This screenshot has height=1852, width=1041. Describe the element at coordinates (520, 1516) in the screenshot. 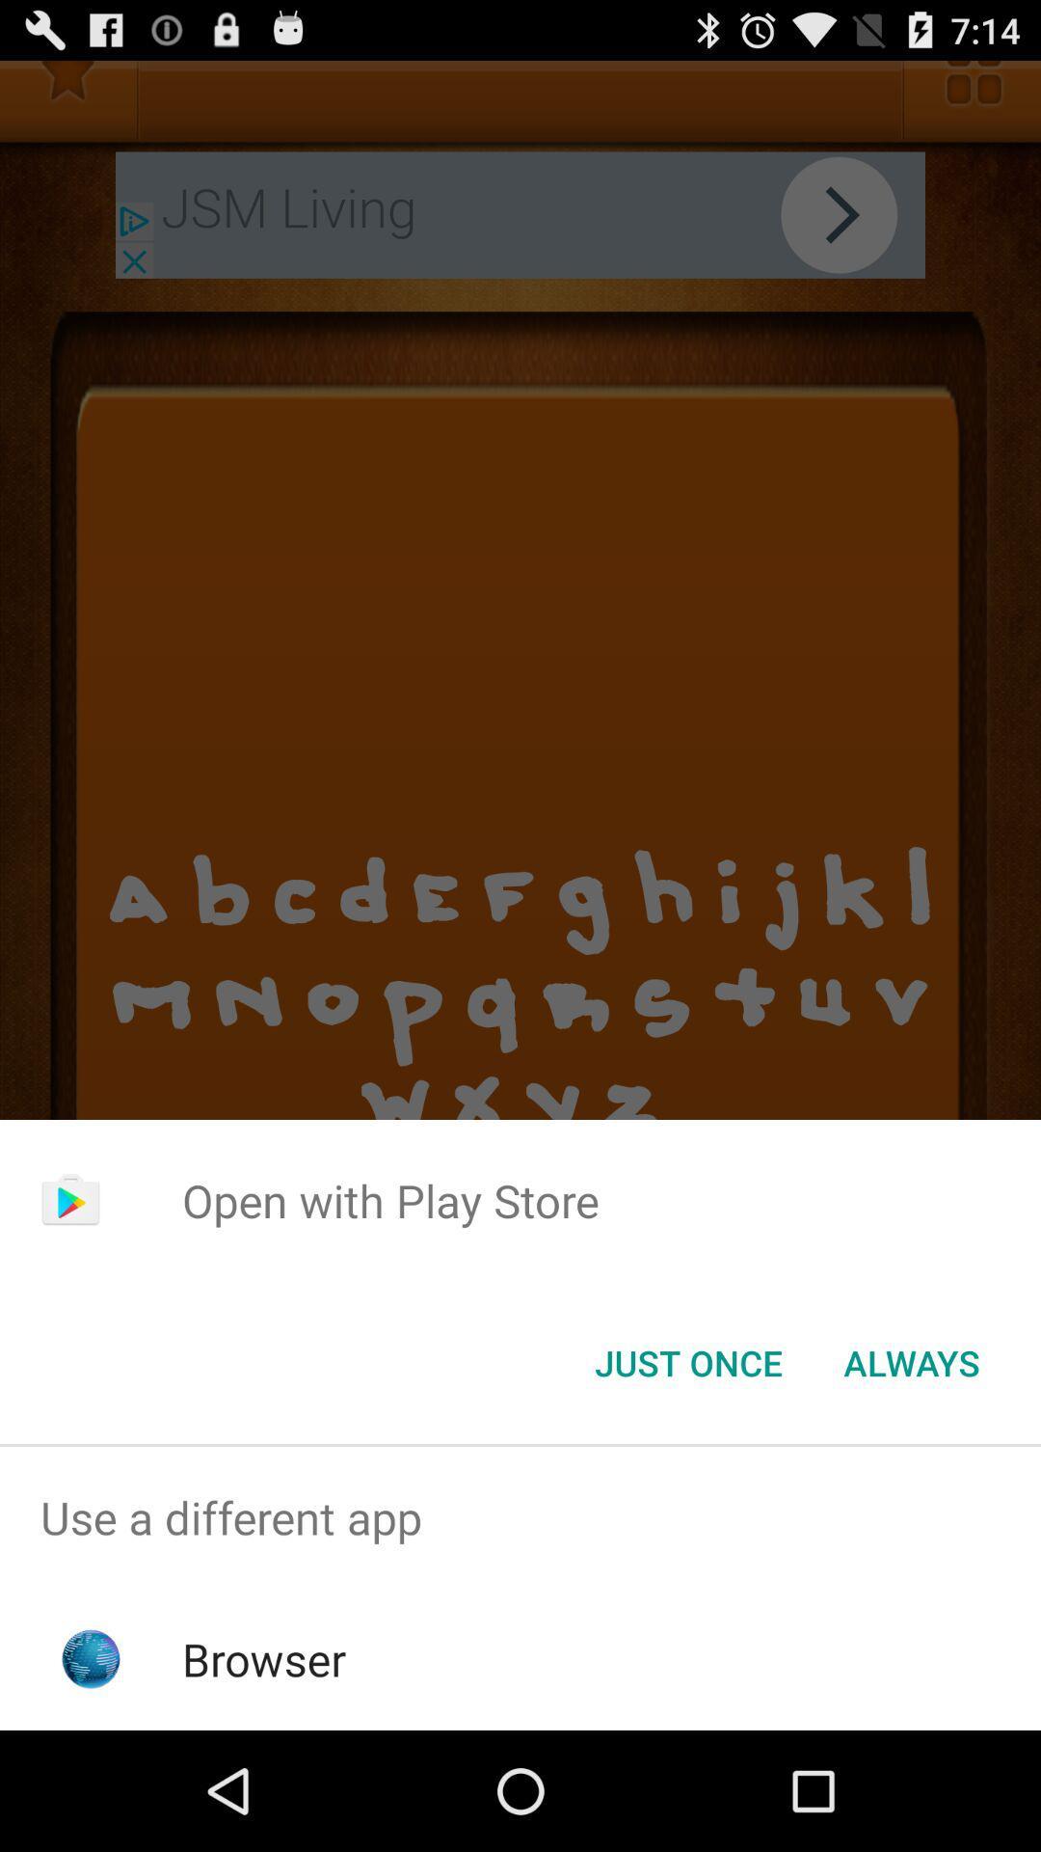

I see `icon above browser icon` at that location.